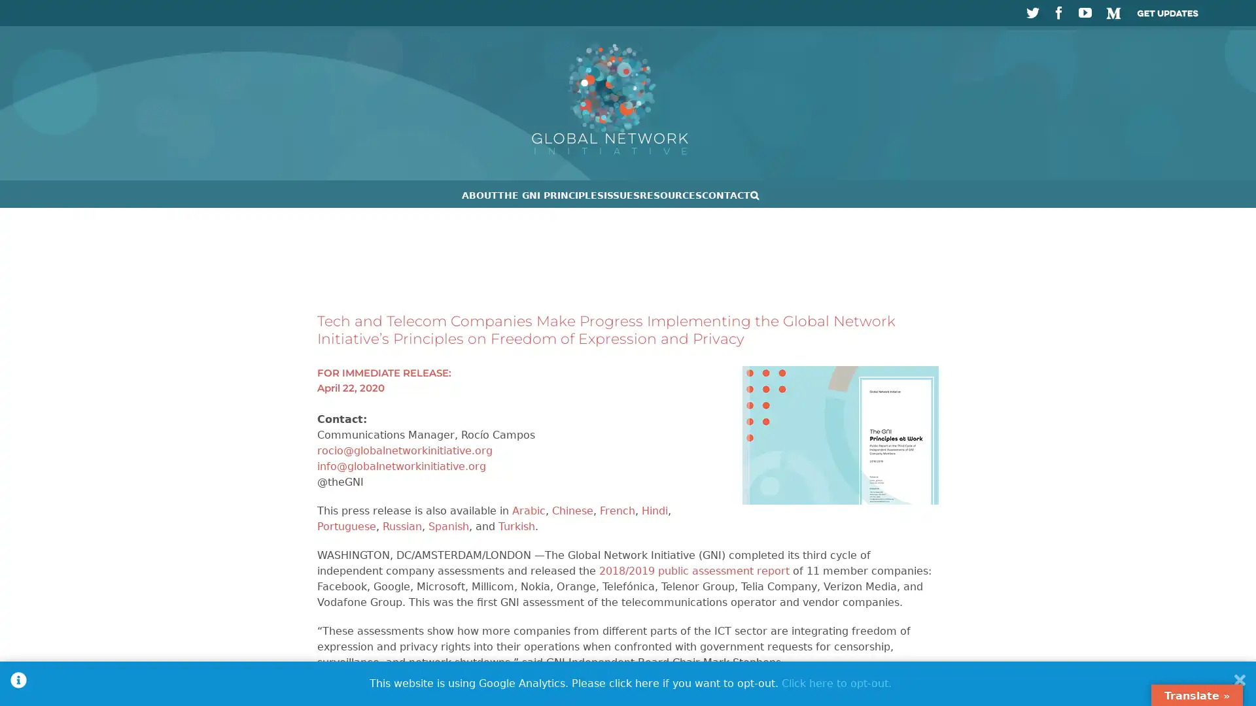 The height and width of the screenshot is (706, 1256). I want to click on Search, so click(754, 195).